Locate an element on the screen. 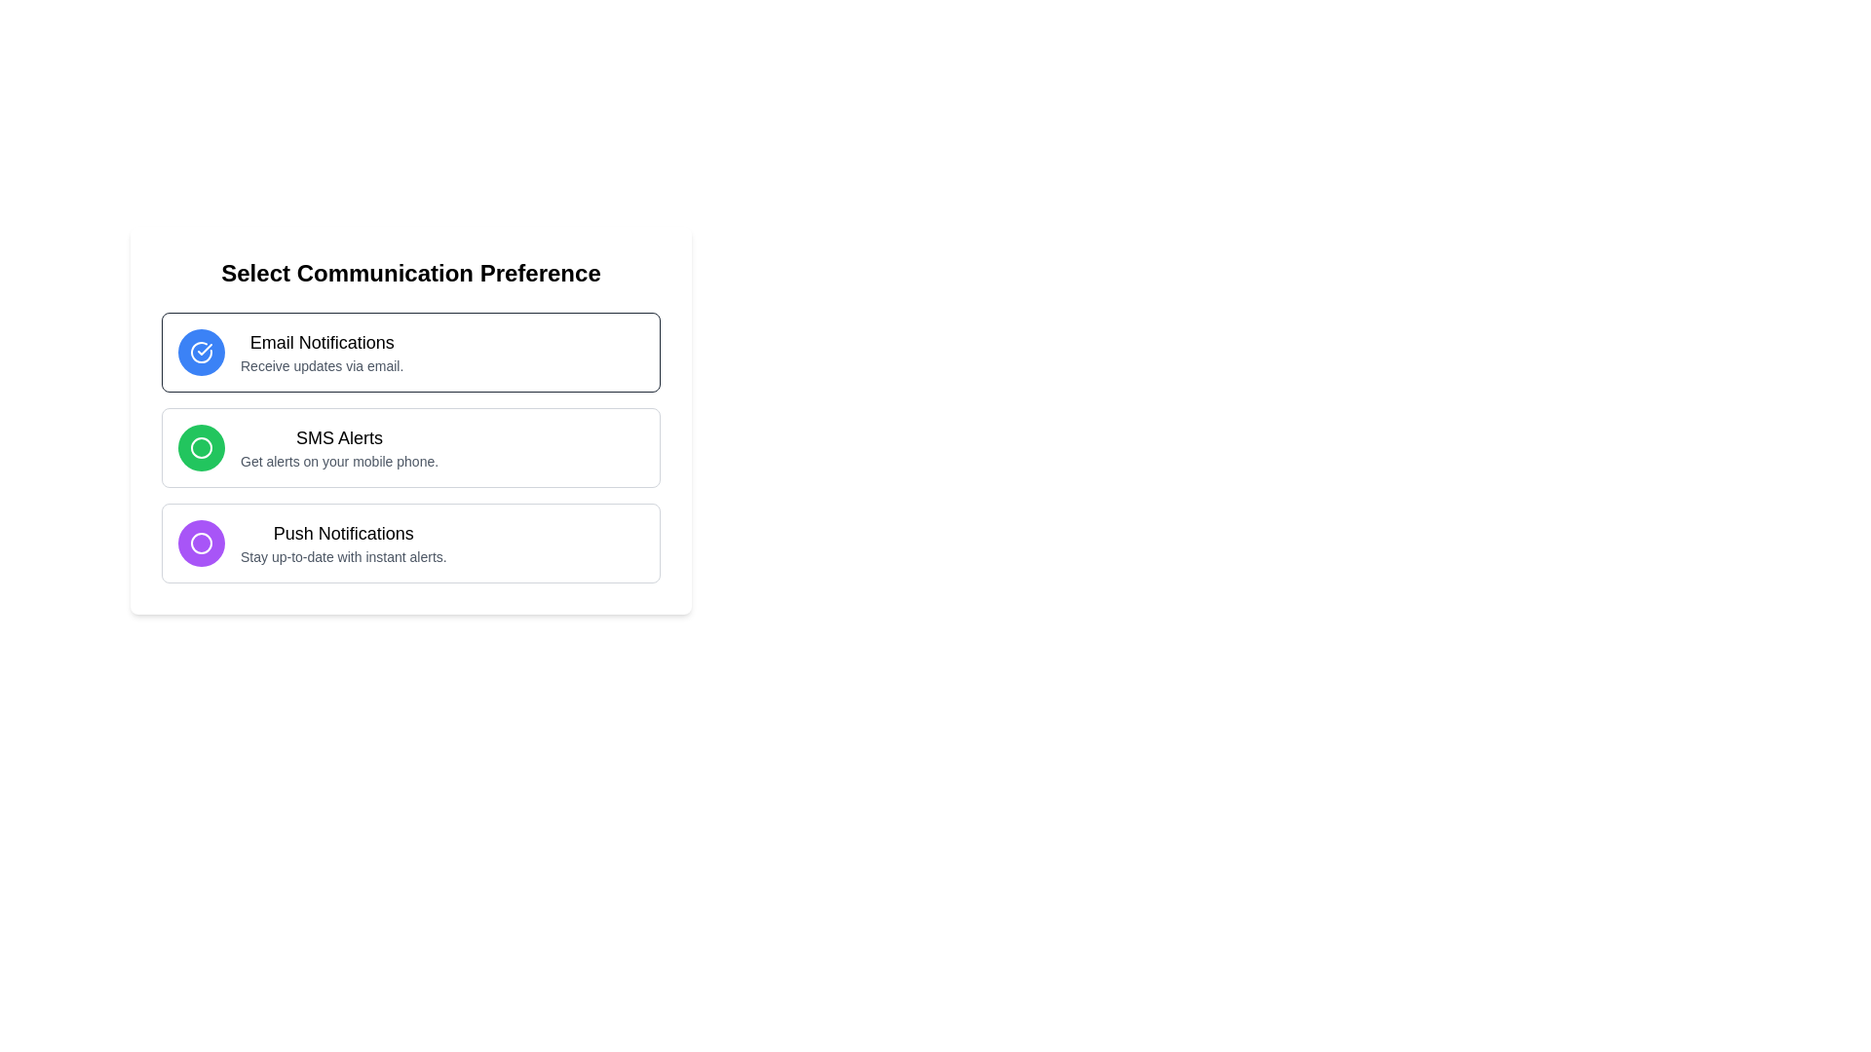 This screenshot has width=1871, height=1052. the static text element displaying 'Get alerts on your mobile phone.' which is located below the 'SMS Alerts' label in the second card, aligned to the left of the green circular icon is located at coordinates (339, 462).